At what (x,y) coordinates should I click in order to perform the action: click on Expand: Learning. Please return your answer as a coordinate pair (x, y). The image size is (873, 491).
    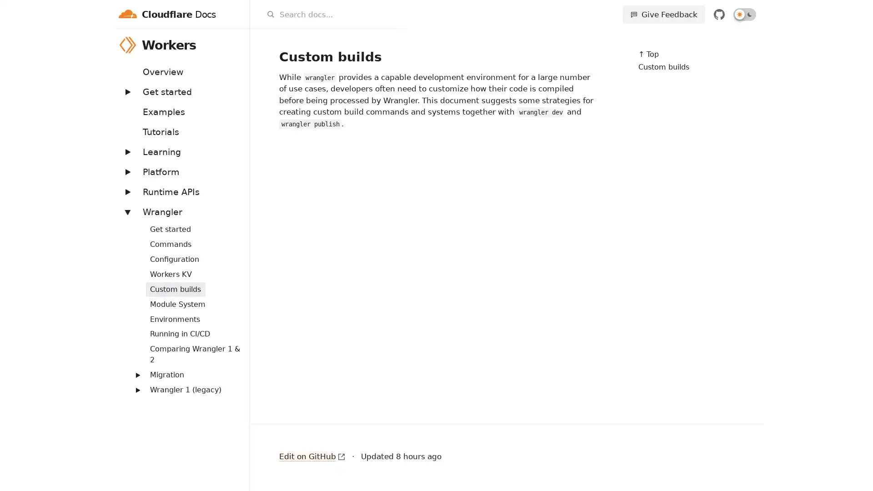
    Looking at the image, I should click on (126, 151).